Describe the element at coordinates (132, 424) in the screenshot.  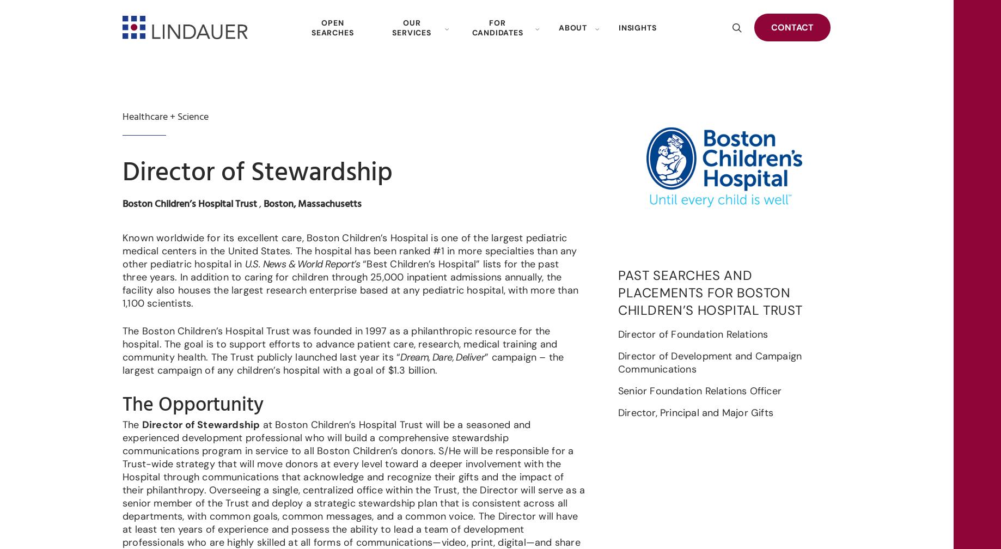
I see `'The'` at that location.